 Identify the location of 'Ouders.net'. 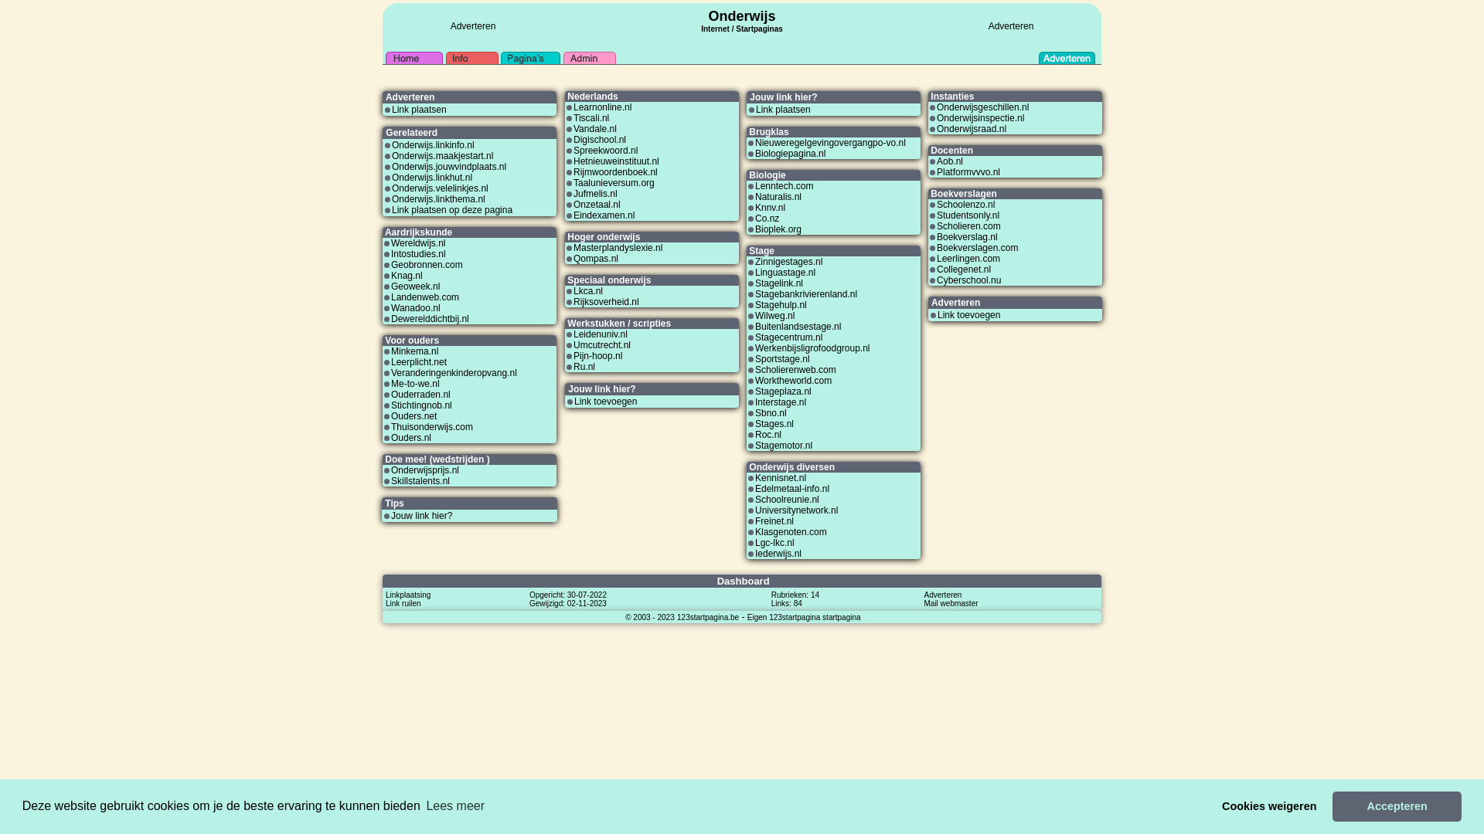
(414, 415).